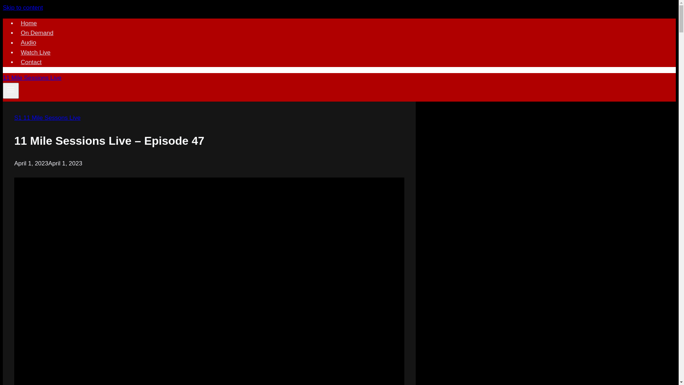  Describe the element at coordinates (37, 33) in the screenshot. I see `'On Demand'` at that location.